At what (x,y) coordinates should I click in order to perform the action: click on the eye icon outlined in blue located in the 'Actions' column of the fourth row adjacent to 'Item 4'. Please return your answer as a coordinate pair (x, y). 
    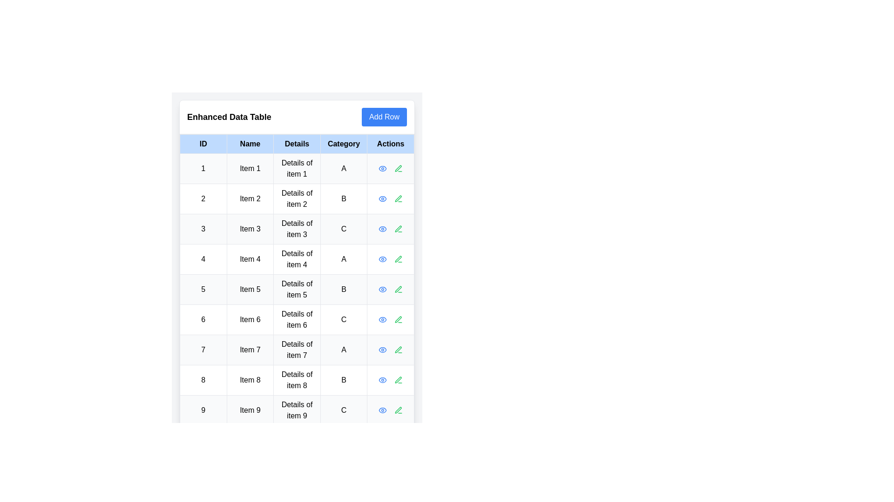
    Looking at the image, I should click on (383, 259).